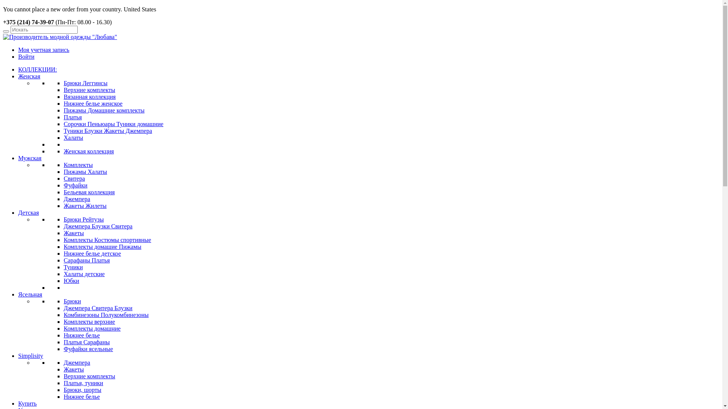  I want to click on 'Simplisity', so click(18, 356).